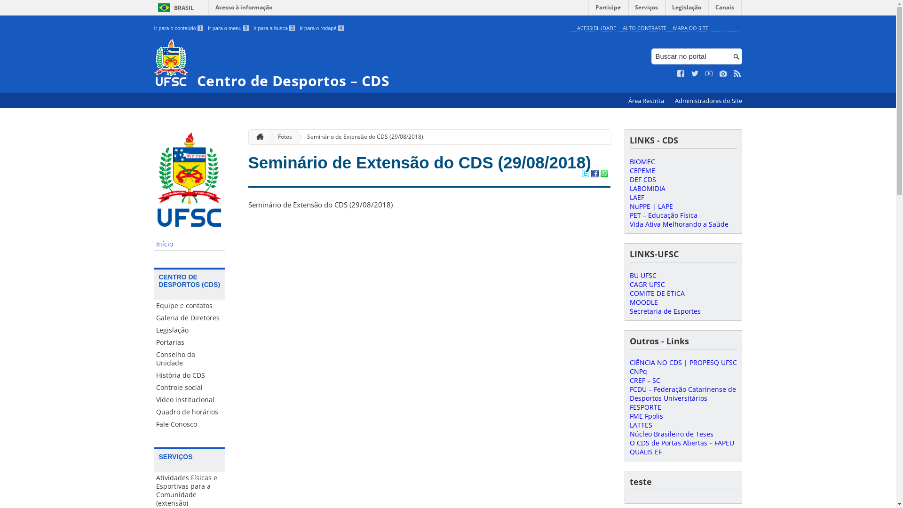  I want to click on 'CEPEME', so click(641, 170).